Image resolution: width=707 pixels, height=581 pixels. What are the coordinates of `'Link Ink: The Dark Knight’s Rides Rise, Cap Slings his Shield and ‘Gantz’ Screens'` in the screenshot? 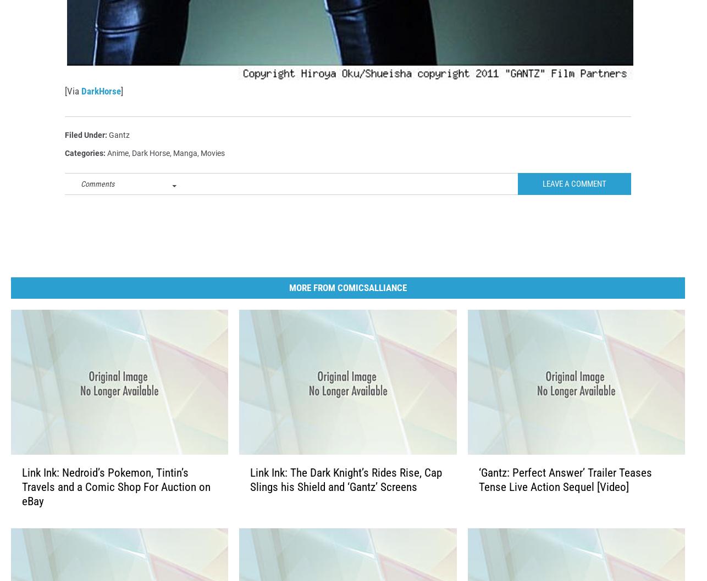 It's located at (345, 497).